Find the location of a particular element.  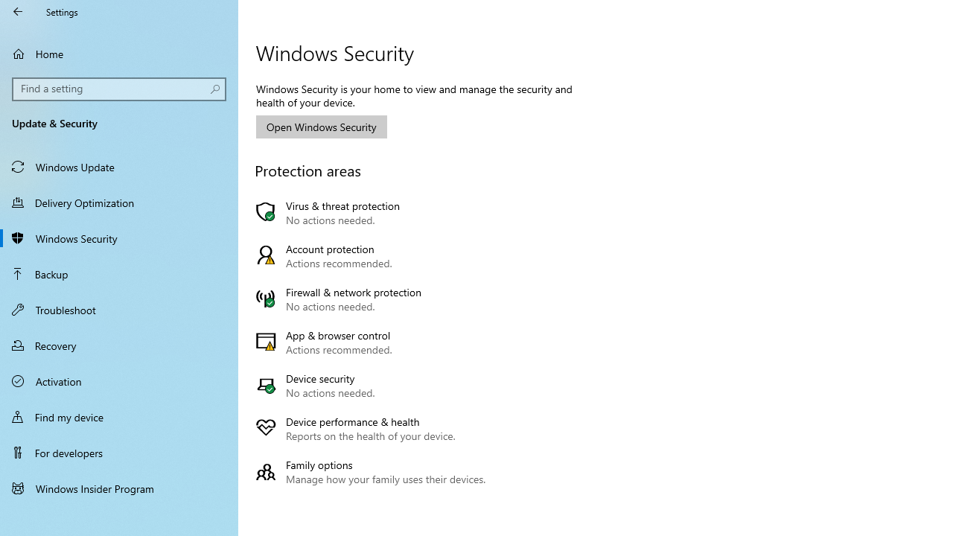

'App & browser control Actions recommended.' is located at coordinates (374, 342).